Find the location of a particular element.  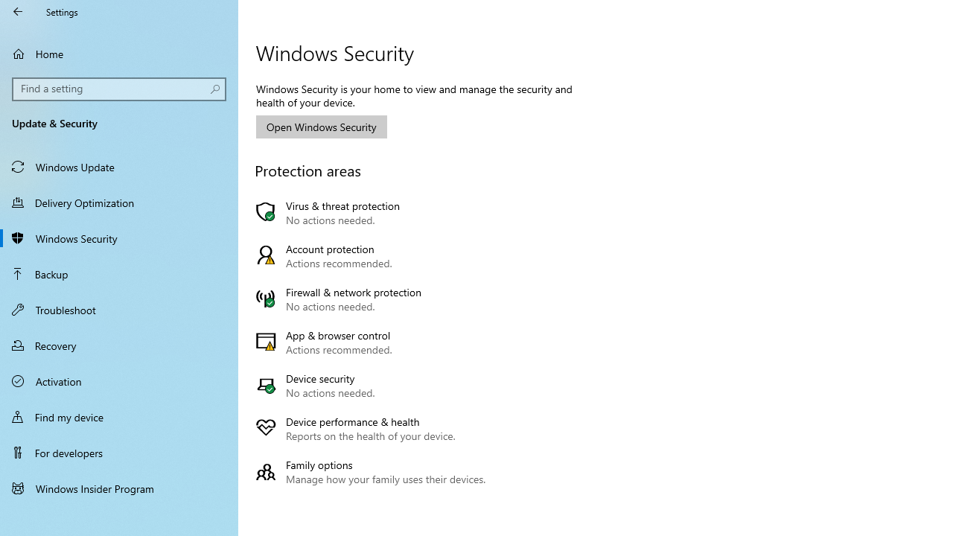

'App & browser control Actions recommended.' is located at coordinates (374, 342).